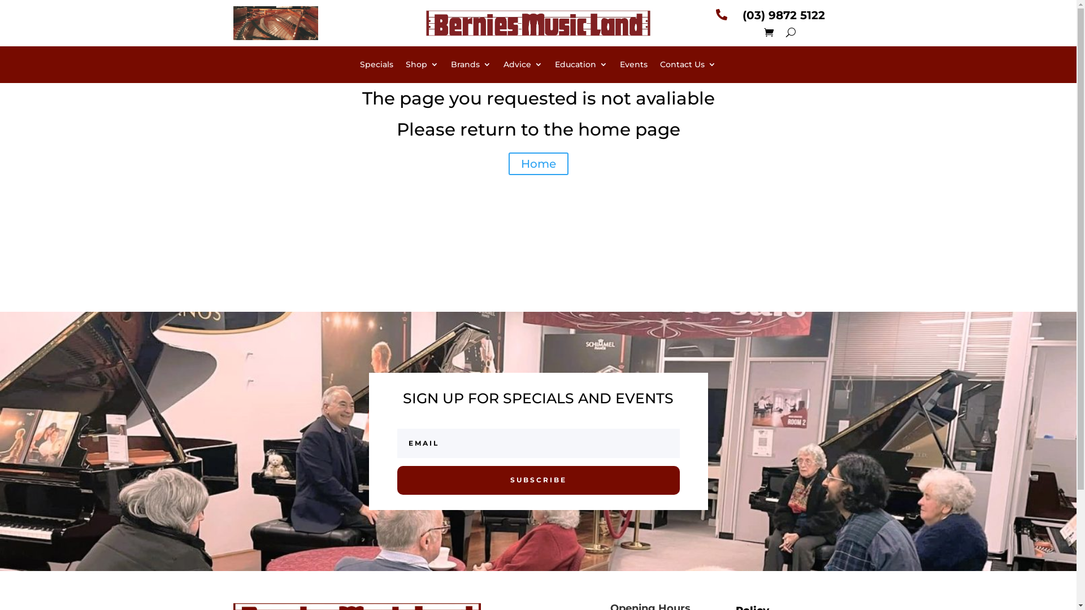 The image size is (1085, 610). Describe the element at coordinates (555, 67) in the screenshot. I see `'Education'` at that location.